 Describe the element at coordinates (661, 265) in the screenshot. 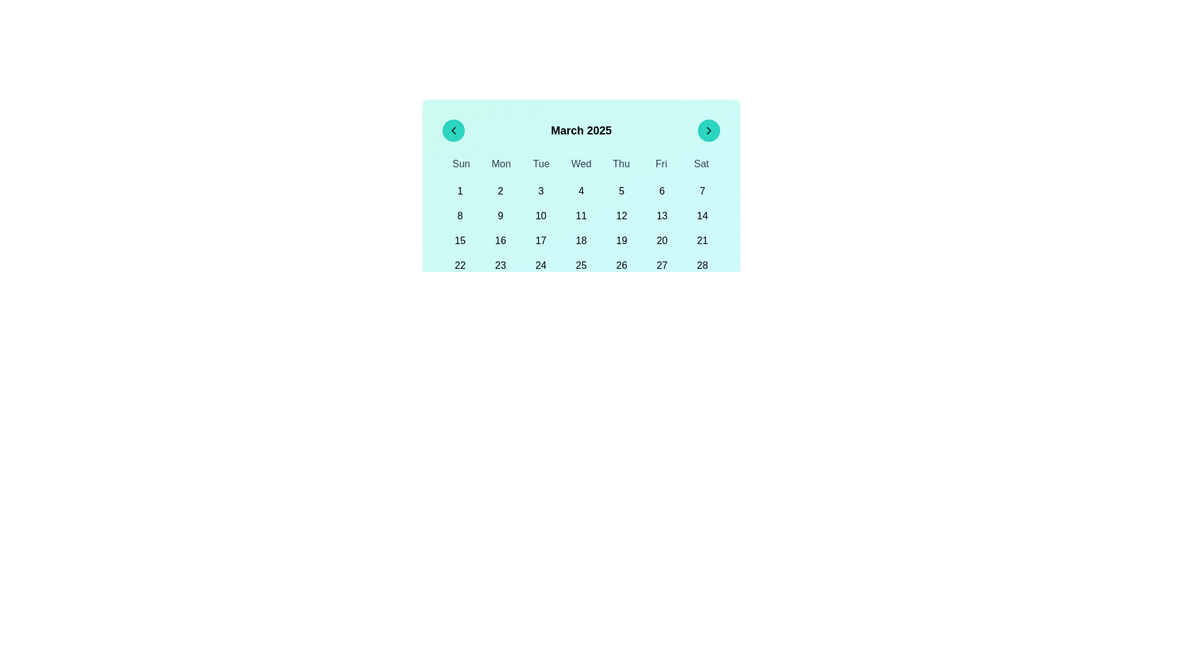

I see `the clickable button representing the 27th day in the calendar interface` at that location.